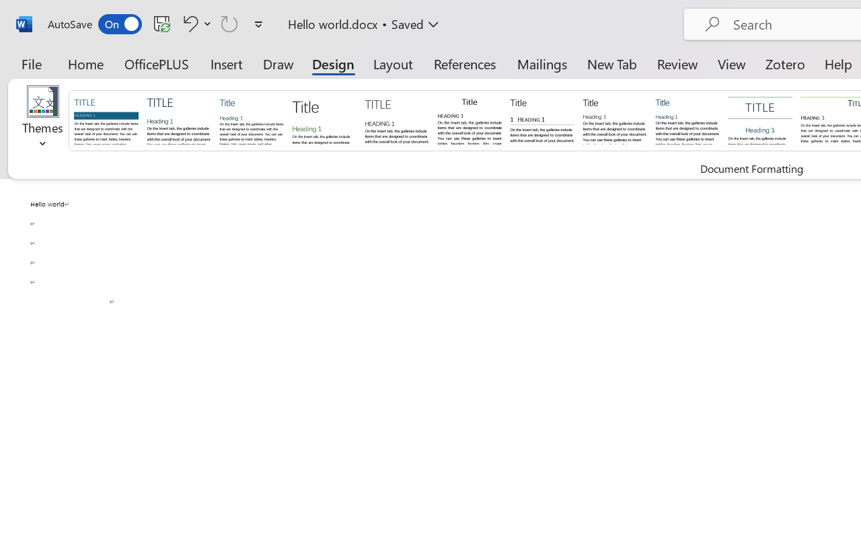 The width and height of the screenshot is (861, 538). I want to click on 'More Options', so click(207, 23).